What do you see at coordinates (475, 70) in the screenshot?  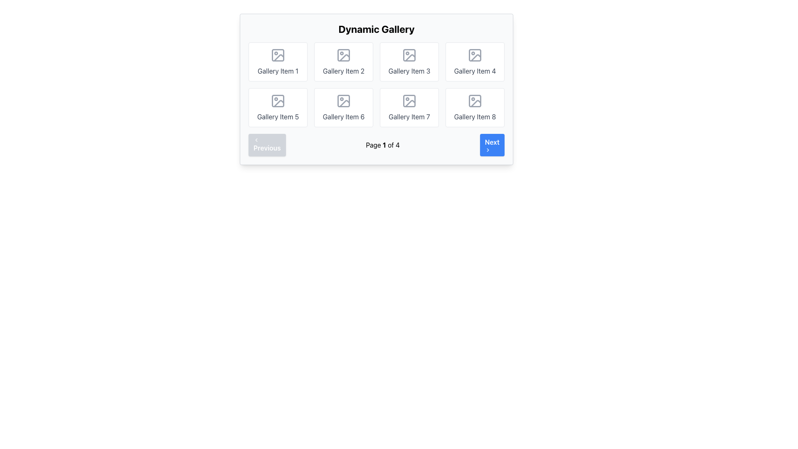 I see `on the text label 'Gallery Item 4' which identifies the fourth gallery item in the grid layout` at bounding box center [475, 70].